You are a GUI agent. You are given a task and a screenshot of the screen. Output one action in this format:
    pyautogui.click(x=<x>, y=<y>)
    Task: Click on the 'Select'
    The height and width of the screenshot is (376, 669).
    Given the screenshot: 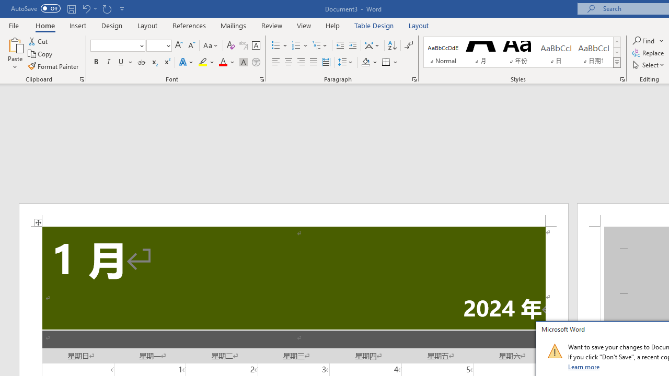 What is the action you would take?
    pyautogui.click(x=649, y=65)
    